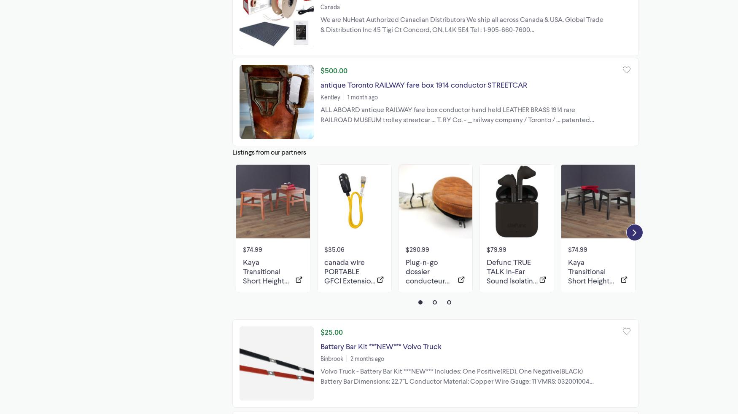  What do you see at coordinates (658, 248) in the screenshot?
I see `'$18.99'` at bounding box center [658, 248].